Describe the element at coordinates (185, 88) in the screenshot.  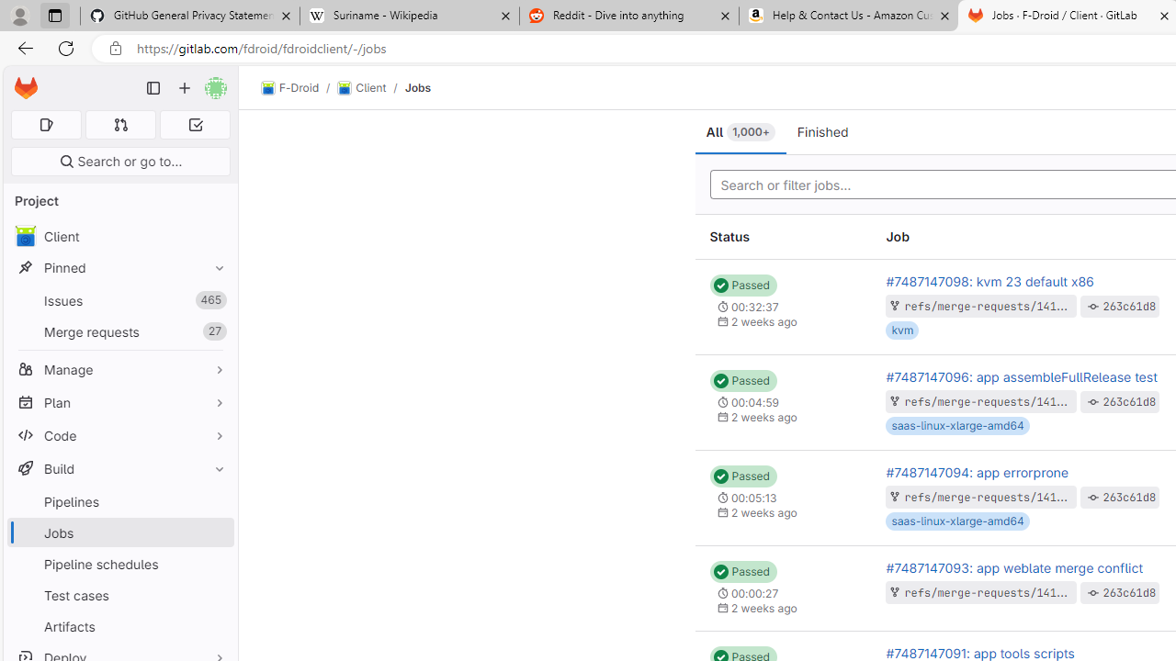
I see `'Create new...'` at that location.